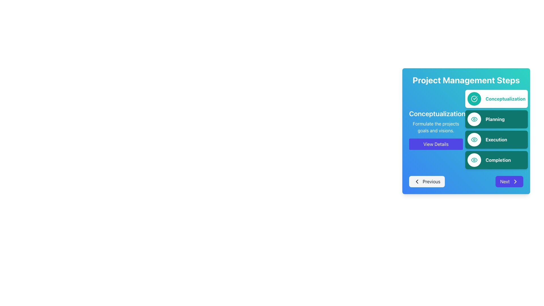 The width and height of the screenshot is (544, 306). What do you see at coordinates (515, 181) in the screenshot?
I see `the direction icon located to the right of the 'Next' button, which indicates the action to navigate forward` at bounding box center [515, 181].